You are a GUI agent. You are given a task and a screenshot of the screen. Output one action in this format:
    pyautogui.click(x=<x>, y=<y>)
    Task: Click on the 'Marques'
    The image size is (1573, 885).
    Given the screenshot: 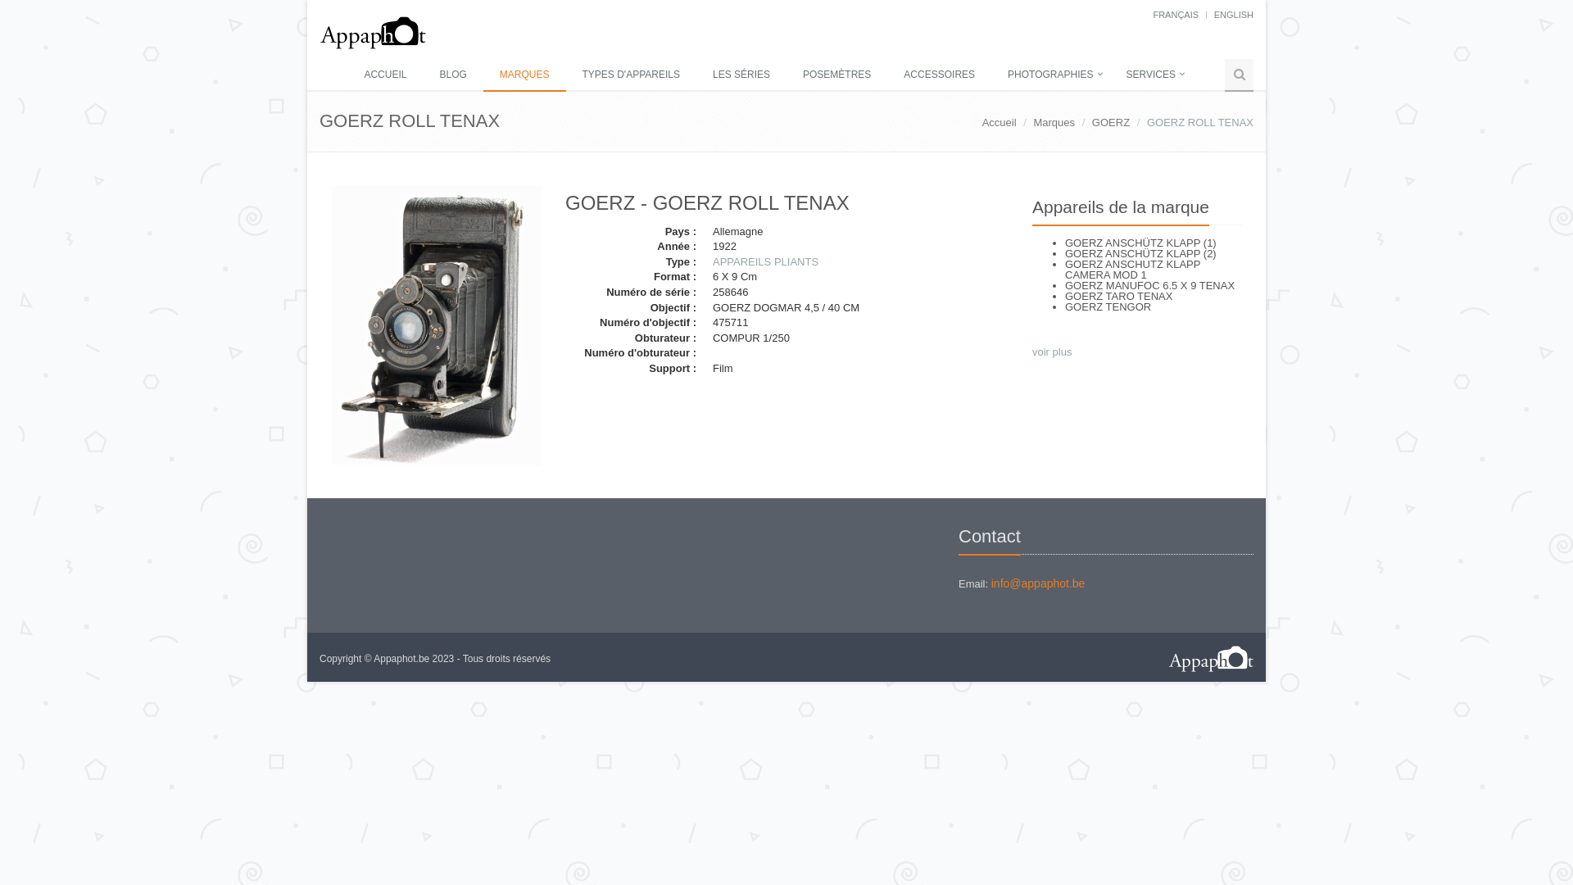 What is the action you would take?
    pyautogui.click(x=1054, y=121)
    